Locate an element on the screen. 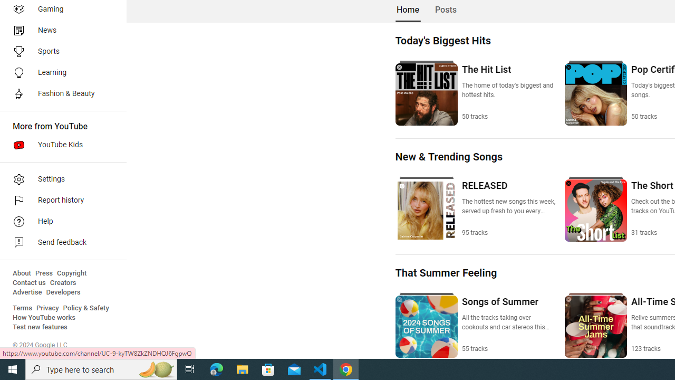 This screenshot has height=380, width=675. 'YouTube Kids' is located at coordinates (59, 145).